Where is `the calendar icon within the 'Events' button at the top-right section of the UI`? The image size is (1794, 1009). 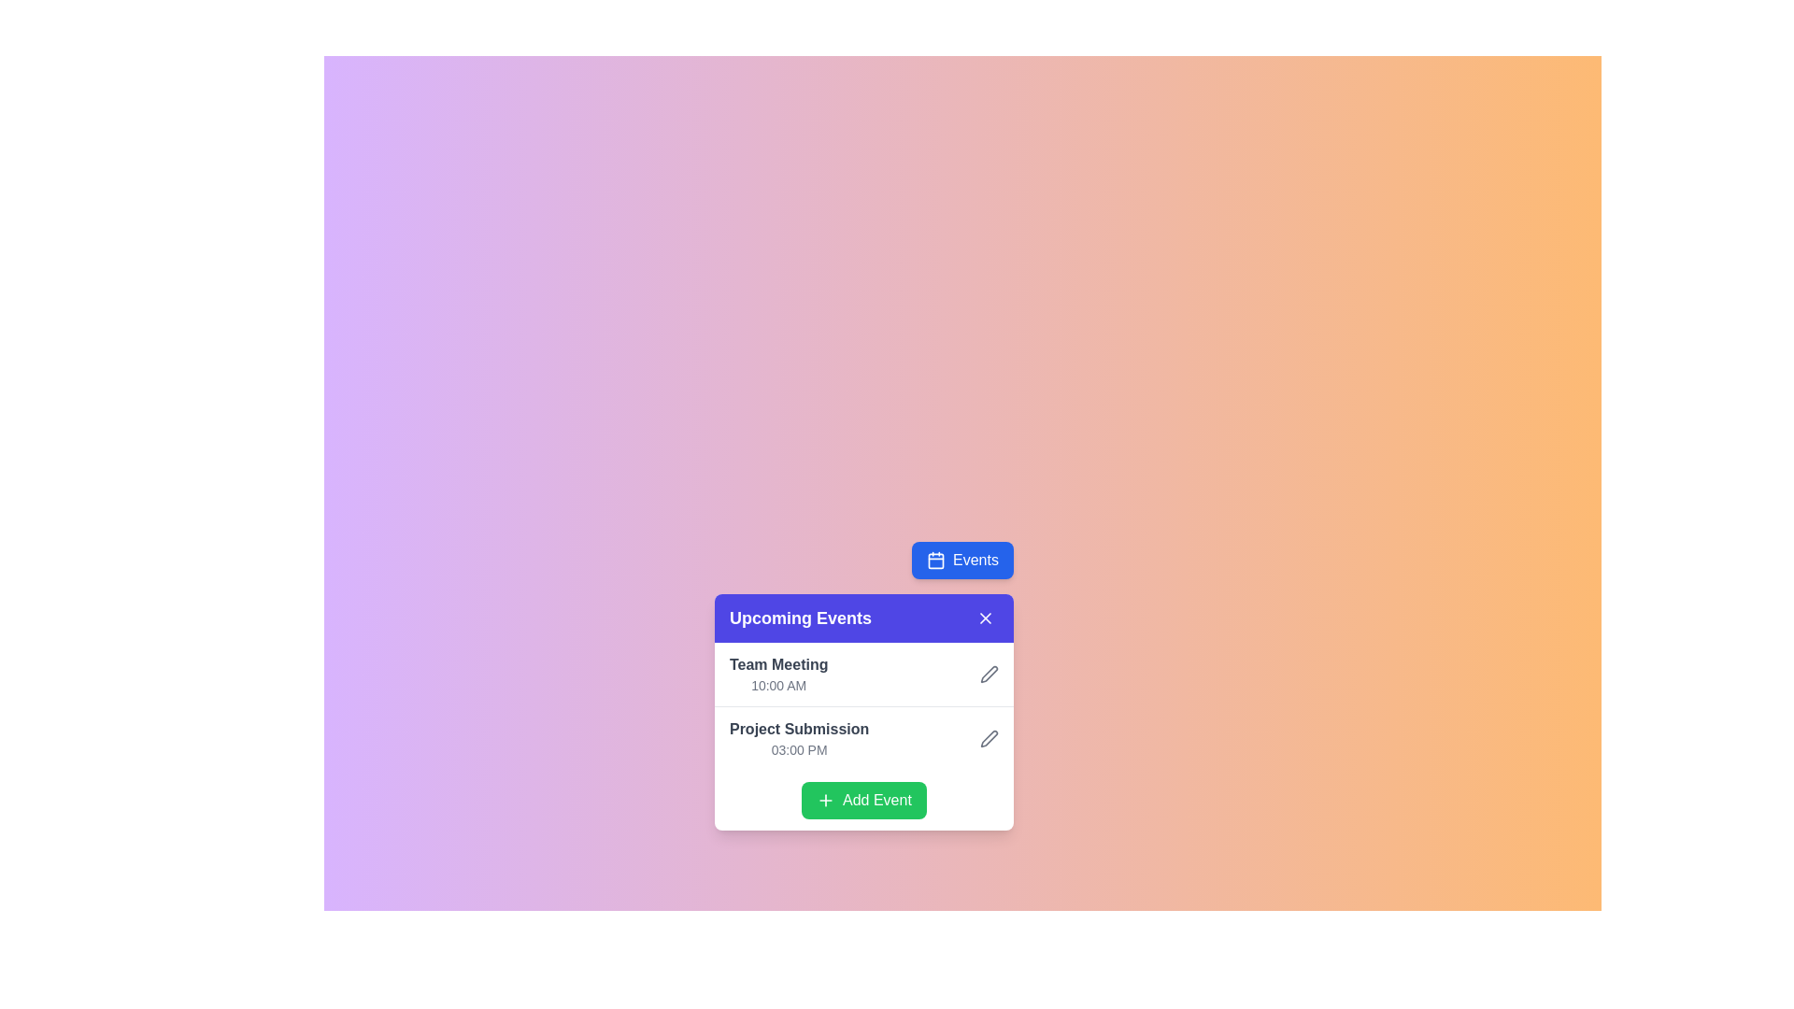
the calendar icon within the 'Events' button at the top-right section of the UI is located at coordinates (936, 560).